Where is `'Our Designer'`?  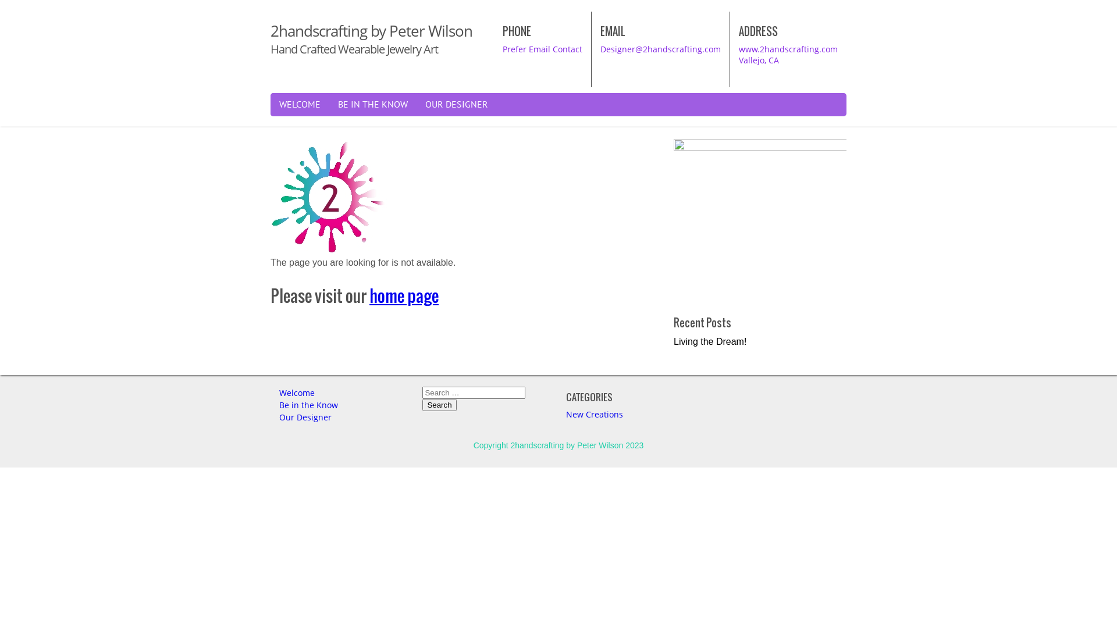 'Our Designer' is located at coordinates (279, 416).